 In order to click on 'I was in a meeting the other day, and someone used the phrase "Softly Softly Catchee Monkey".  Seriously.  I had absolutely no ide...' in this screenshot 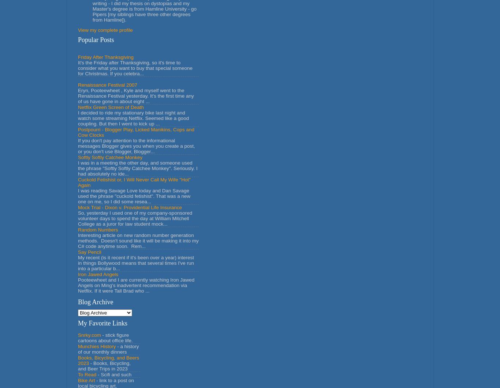, I will do `click(137, 168)`.